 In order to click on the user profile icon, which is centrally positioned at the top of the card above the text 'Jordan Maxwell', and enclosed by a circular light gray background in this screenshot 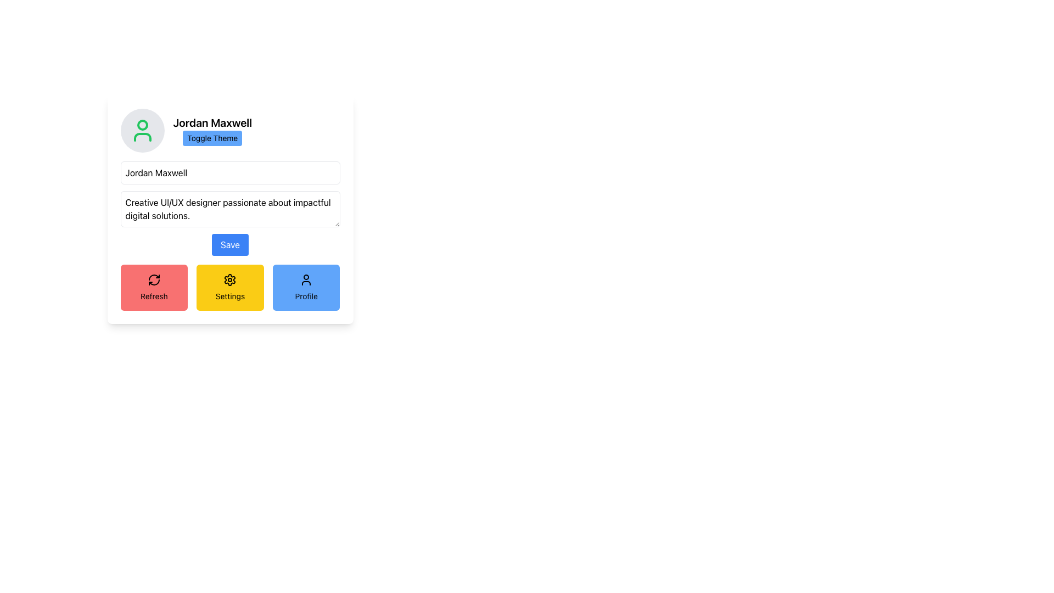, I will do `click(142, 130)`.